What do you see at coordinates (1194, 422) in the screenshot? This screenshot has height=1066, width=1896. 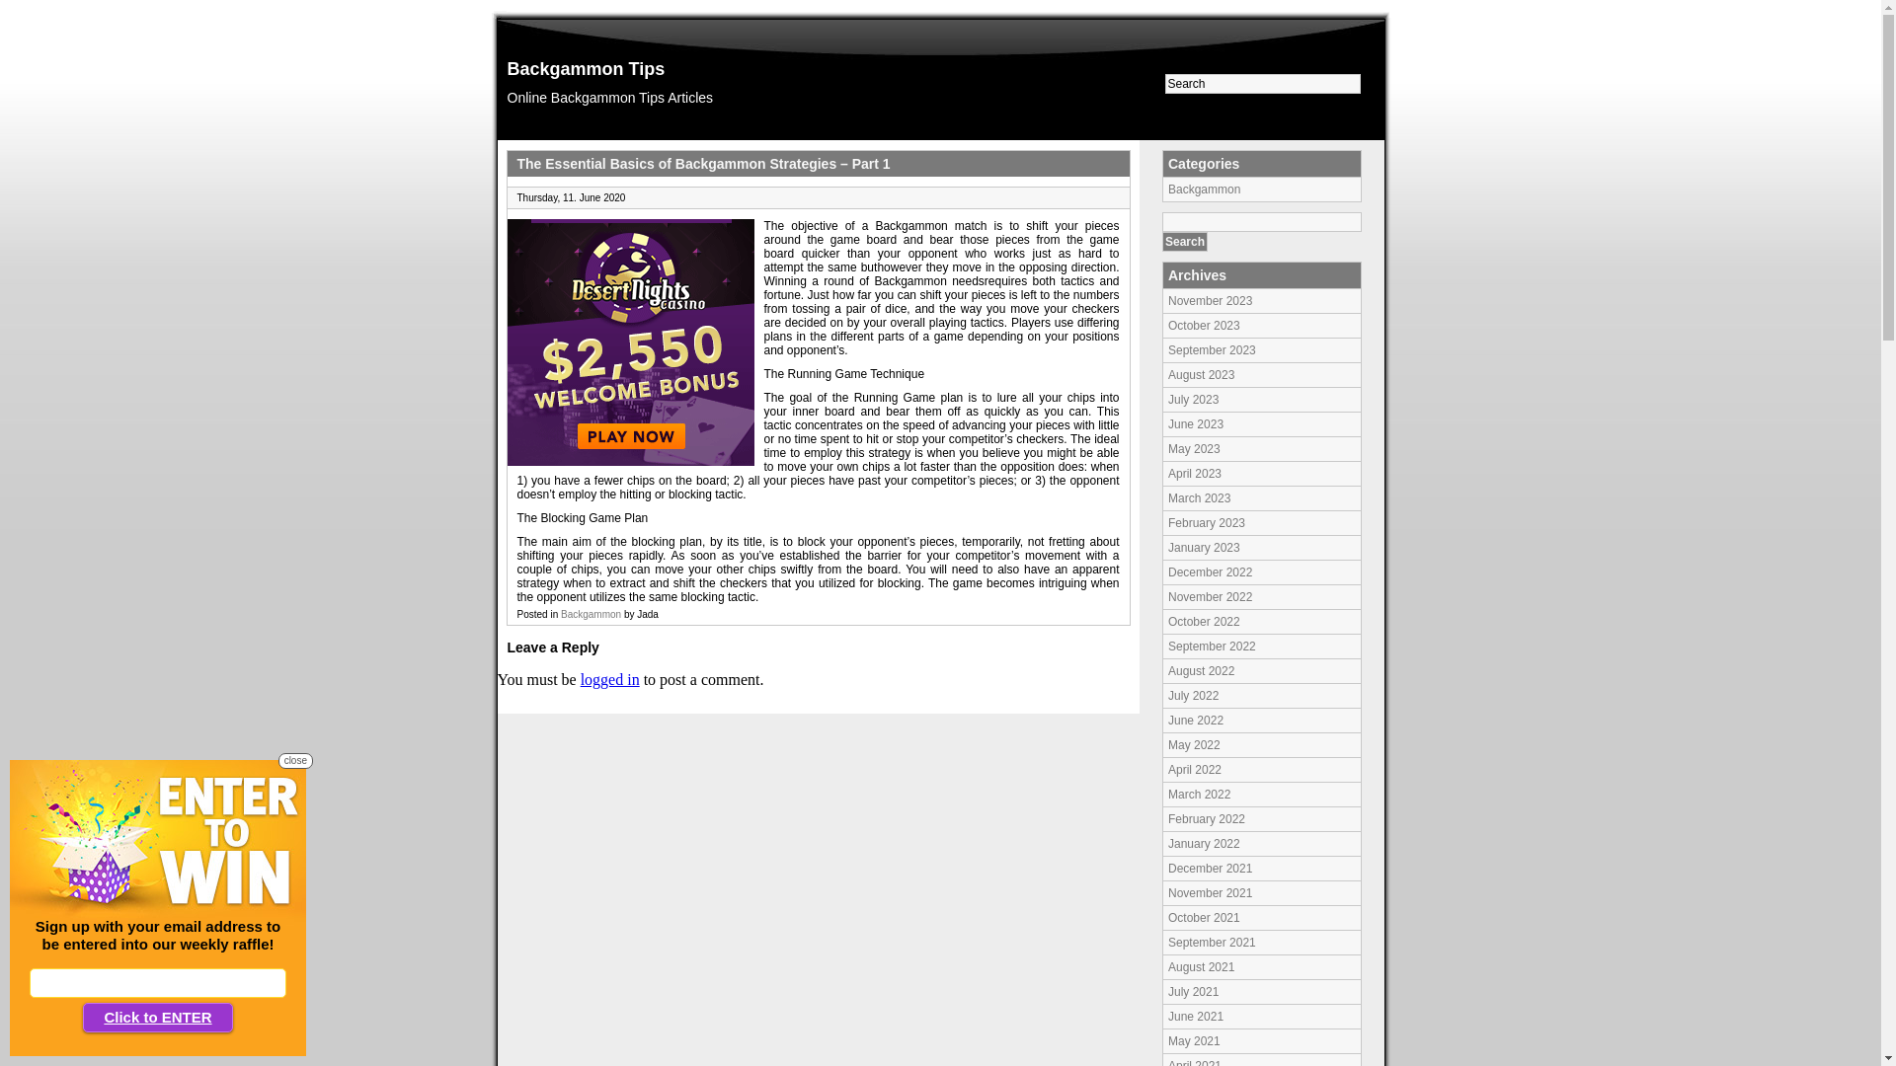 I see `'June 2023'` at bounding box center [1194, 422].